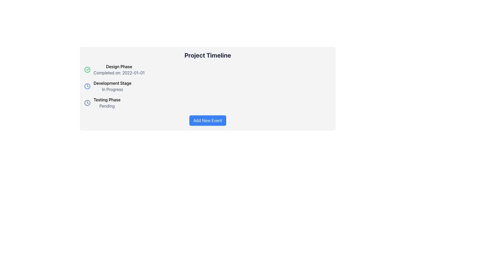 The width and height of the screenshot is (498, 280). Describe the element at coordinates (107, 106) in the screenshot. I see `the text element displaying 'Pending', which is styled in light gray and positioned below 'Testing Phase' in the 'Project Timeline' panel` at that location.